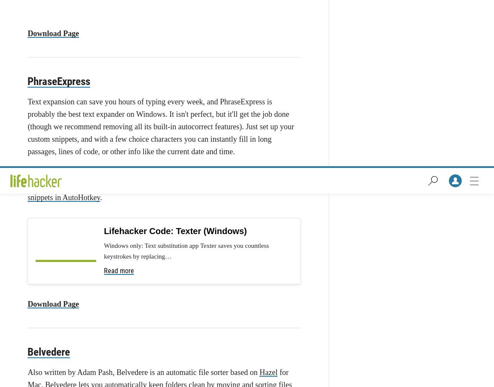 Image resolution: width=494 pixels, height=387 pixels. I want to click on 'FlashBlock for Firefox', so click(62, 115).